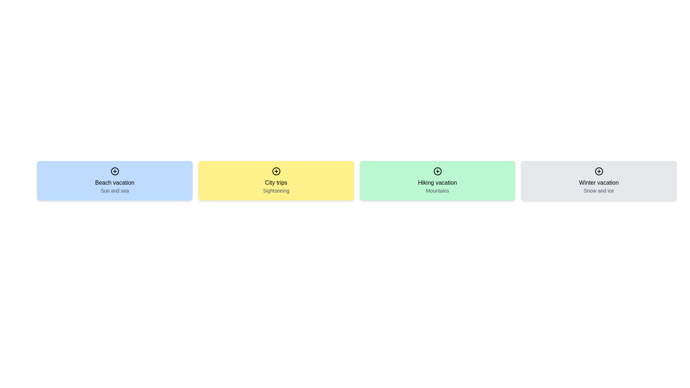 This screenshot has height=388, width=690. Describe the element at coordinates (437, 183) in the screenshot. I see `the static text label 'Hiking vacation' located in the third card from the left, positioned above the text 'Mountains'` at that location.